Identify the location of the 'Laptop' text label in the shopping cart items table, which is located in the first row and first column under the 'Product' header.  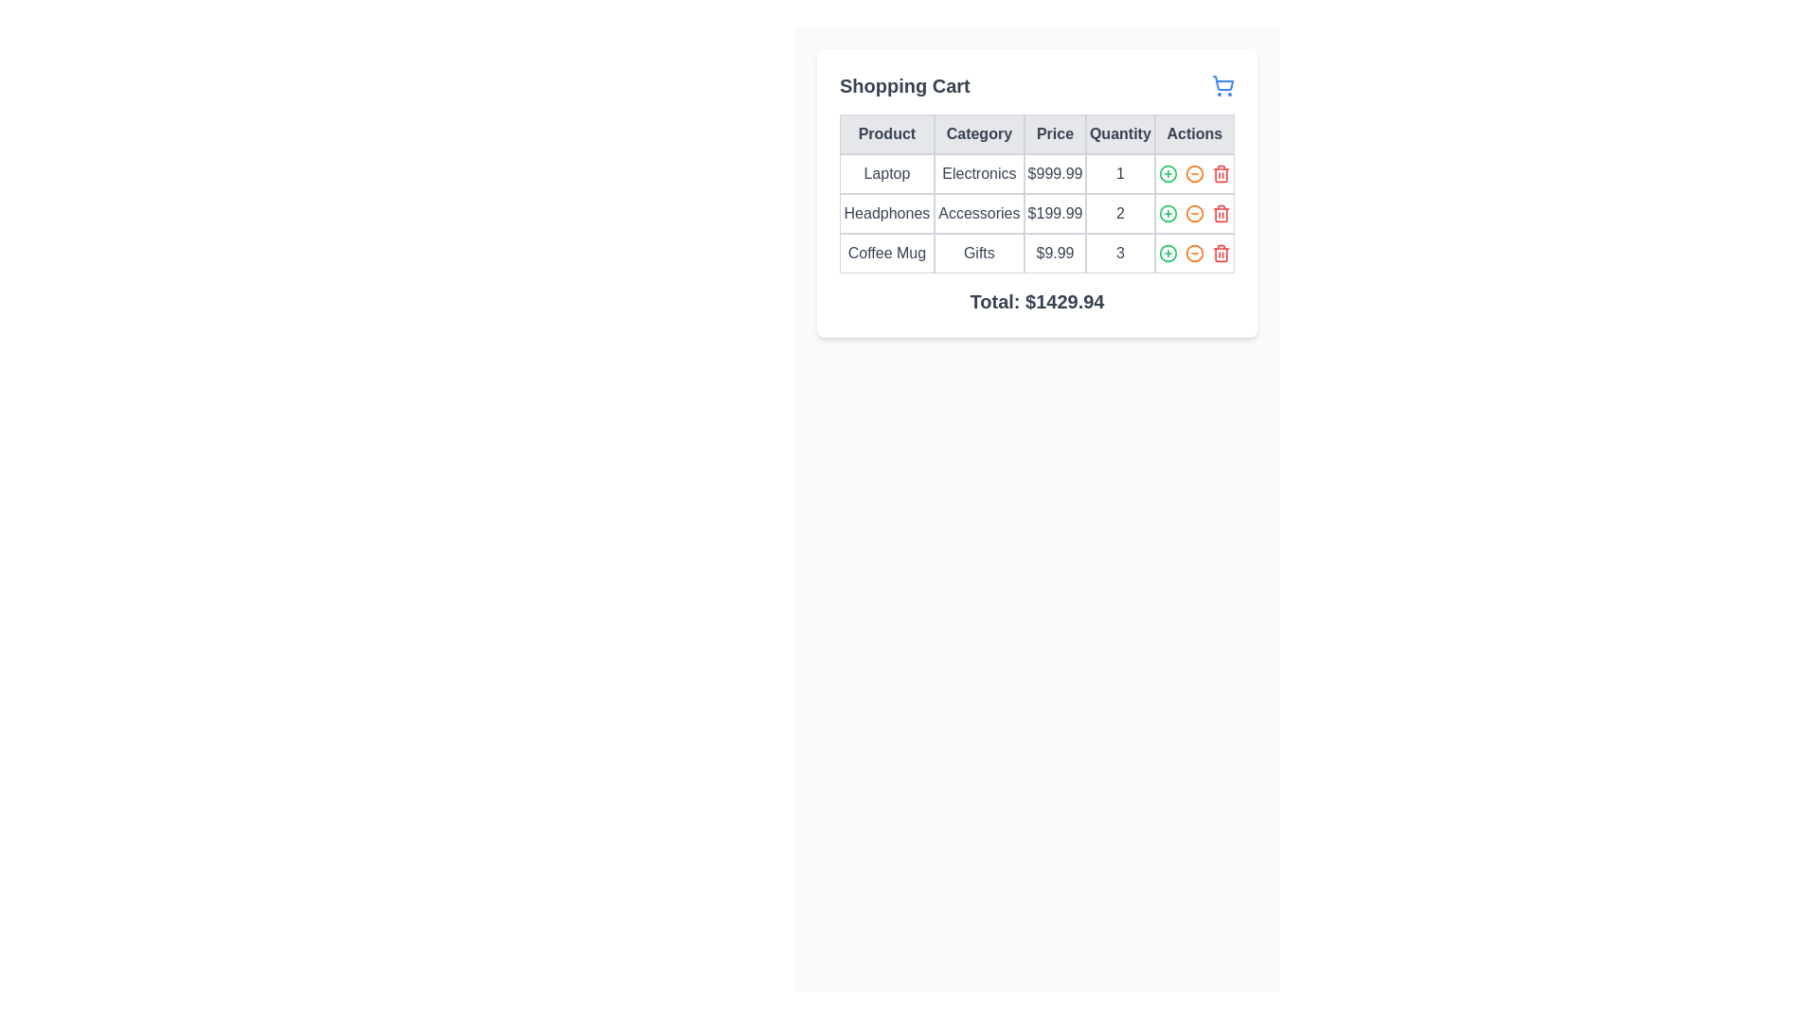
(885, 174).